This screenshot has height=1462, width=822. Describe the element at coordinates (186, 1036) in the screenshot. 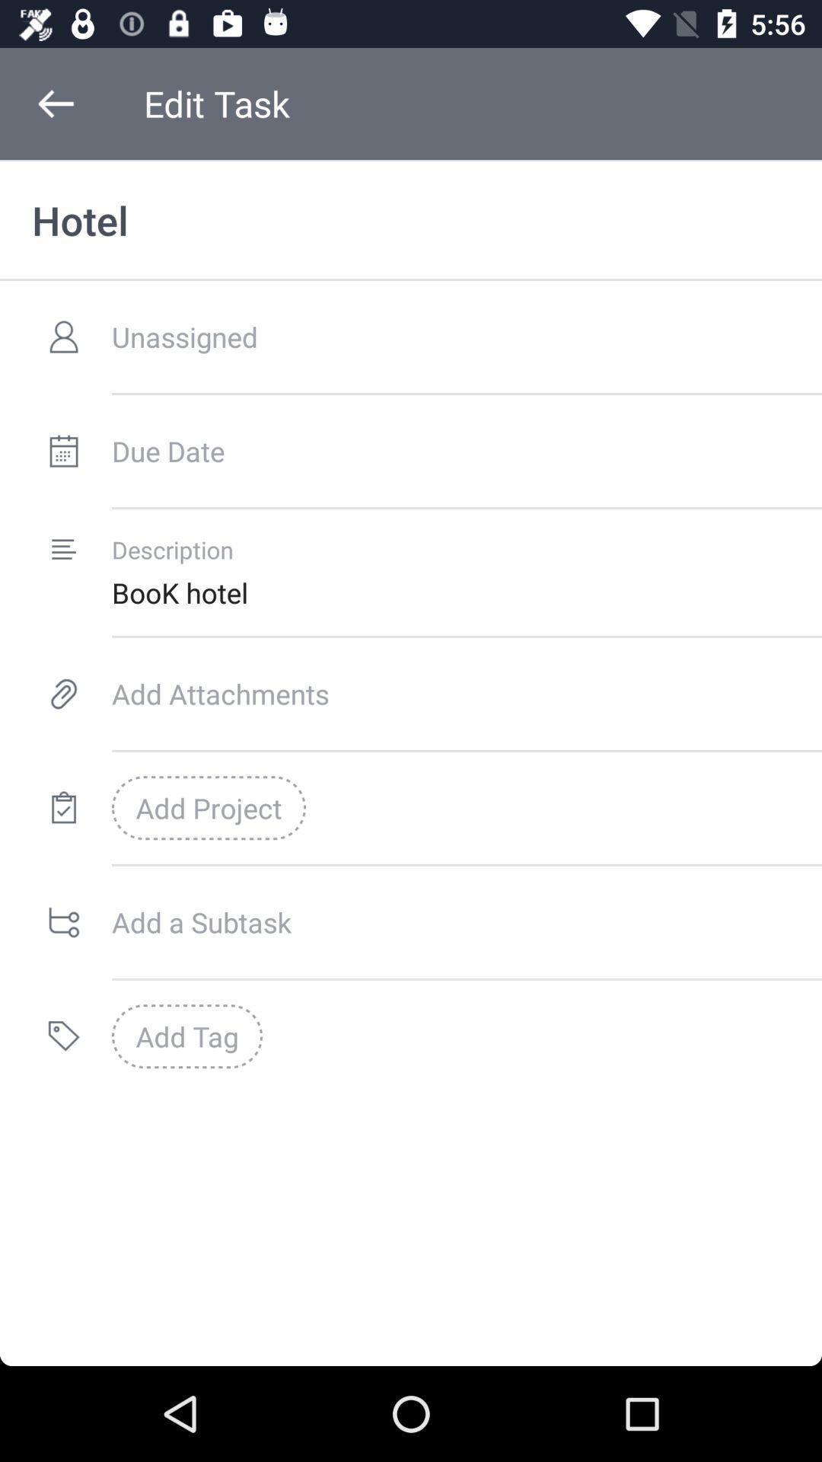

I see `add tag item` at that location.